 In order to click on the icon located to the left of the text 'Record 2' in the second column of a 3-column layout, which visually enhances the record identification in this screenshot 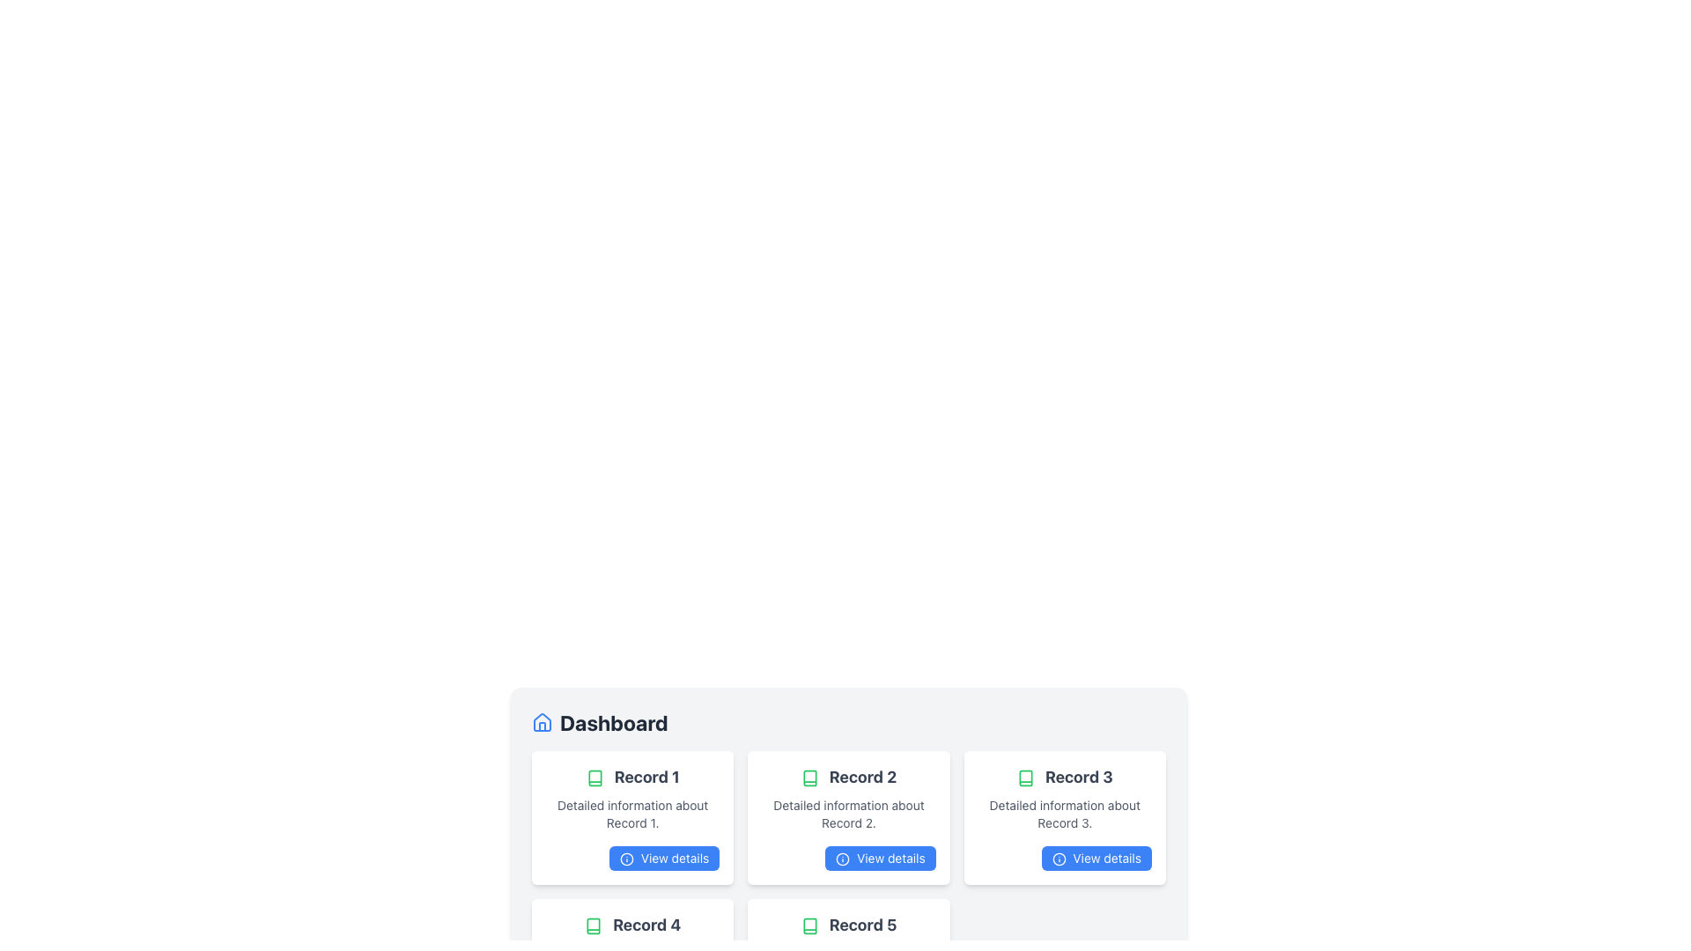, I will do `click(809, 778)`.